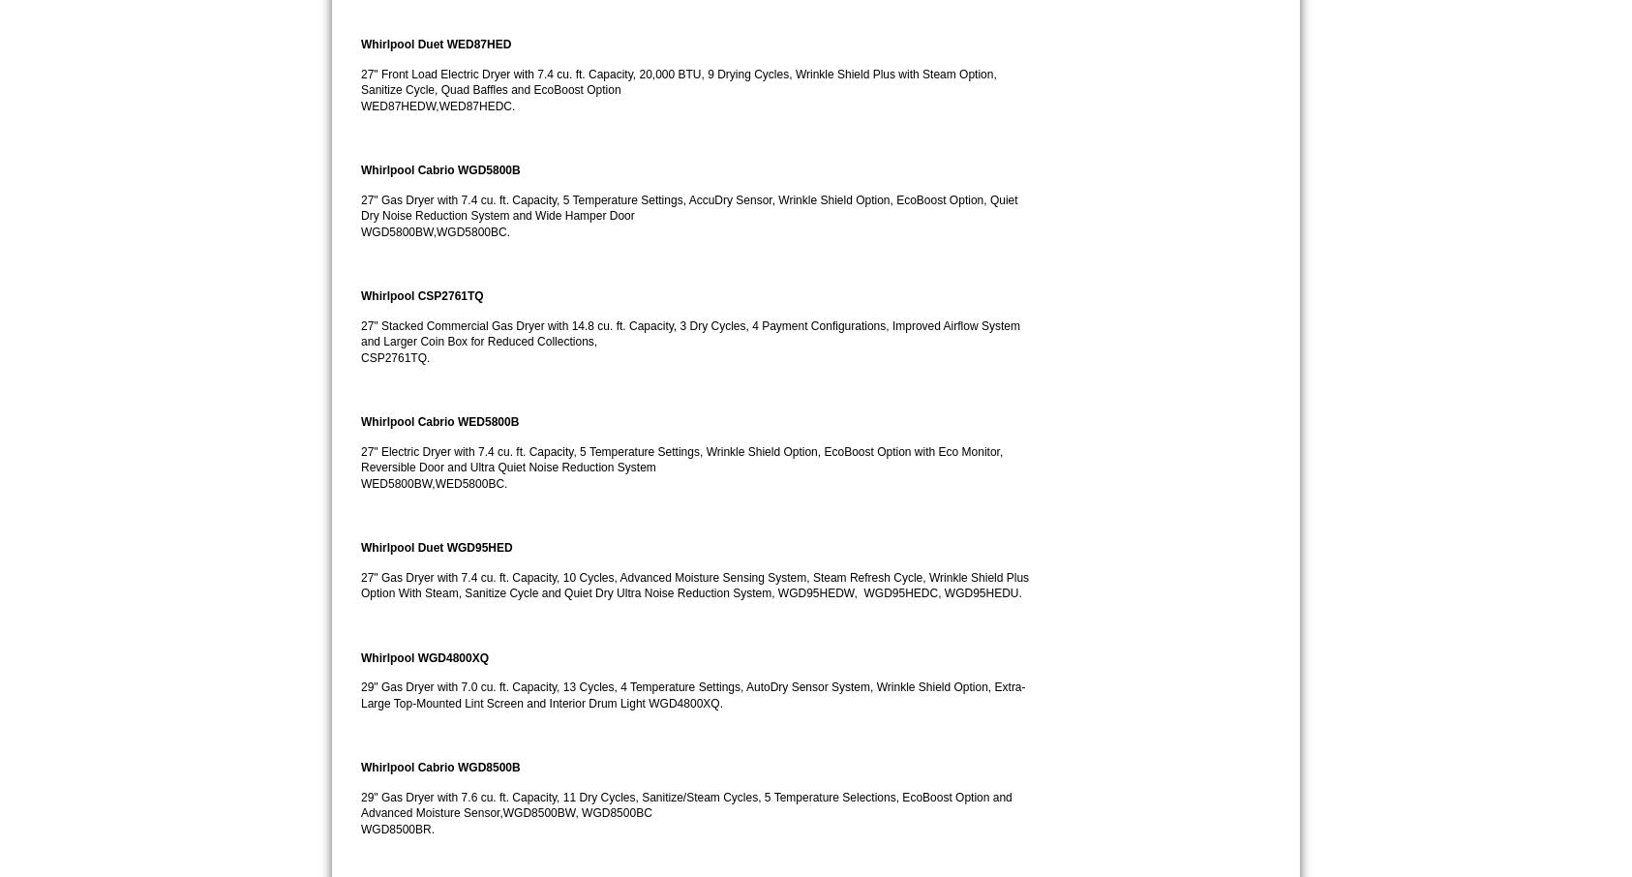  Describe the element at coordinates (435, 231) in the screenshot. I see `'WGD5800BW,WGD5800BC.'` at that location.